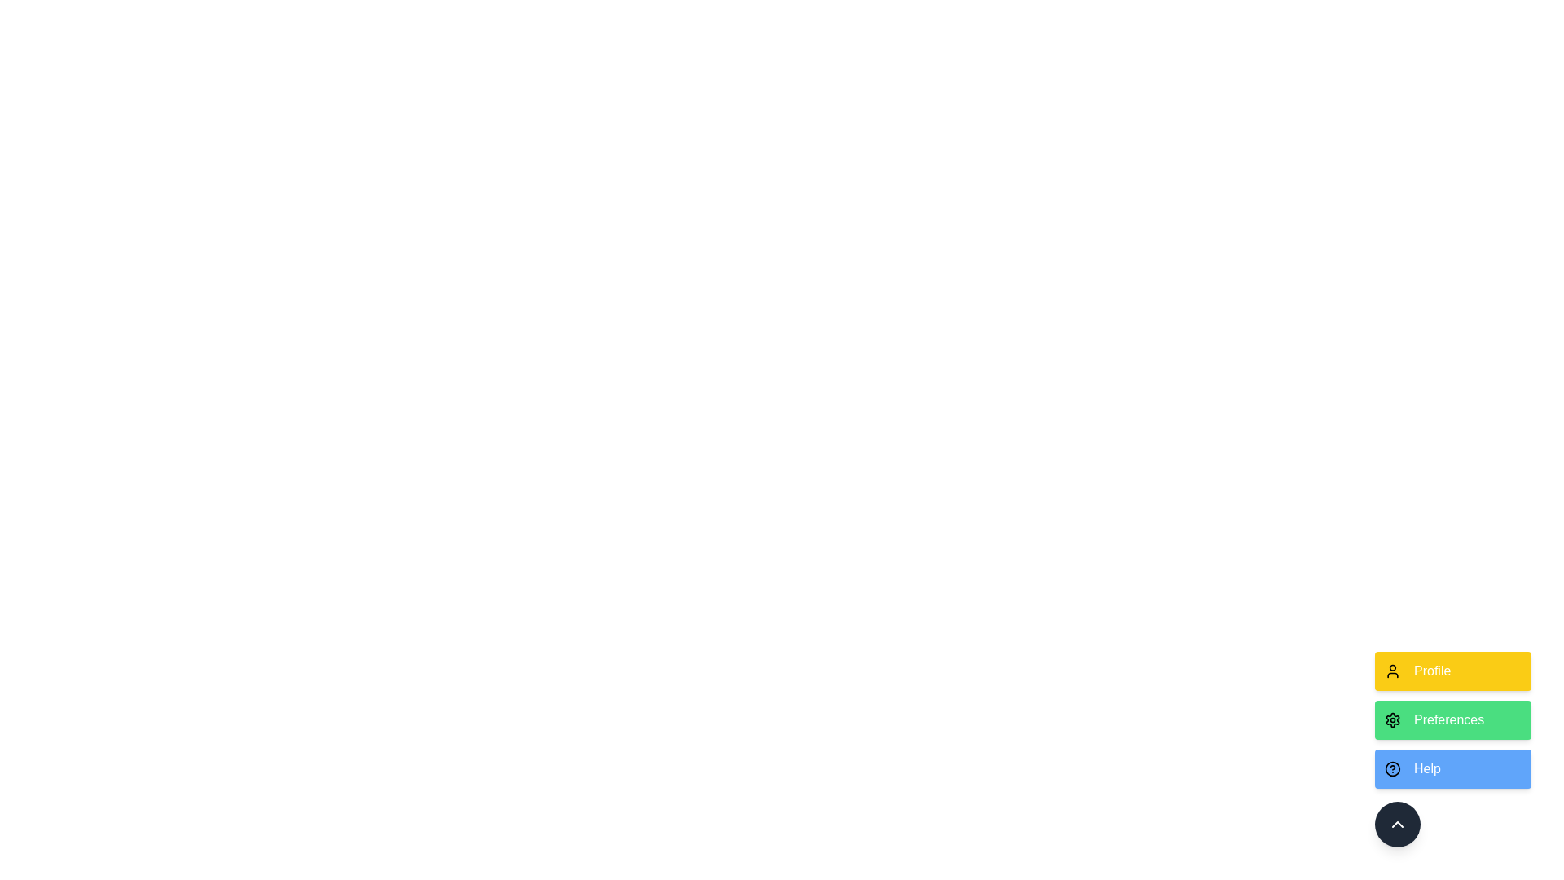 This screenshot has width=1564, height=880. Describe the element at coordinates (1453, 769) in the screenshot. I see `the Help option from the ActionSpeedDial component` at that location.